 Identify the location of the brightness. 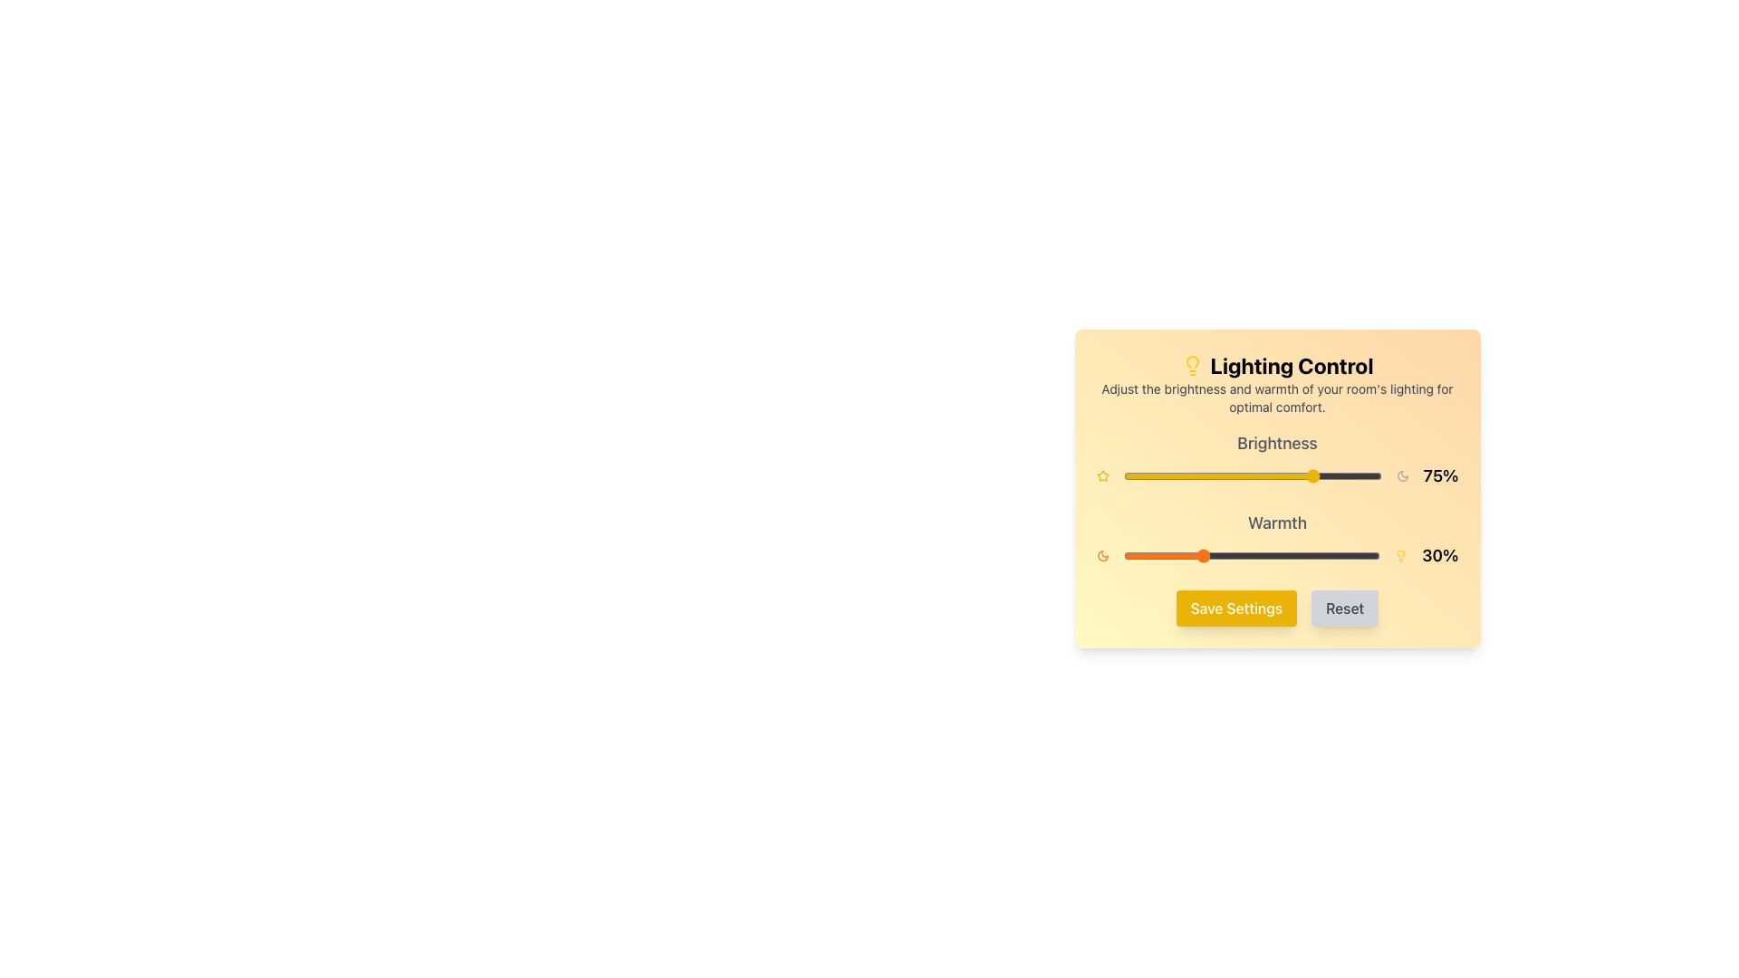
(1221, 475).